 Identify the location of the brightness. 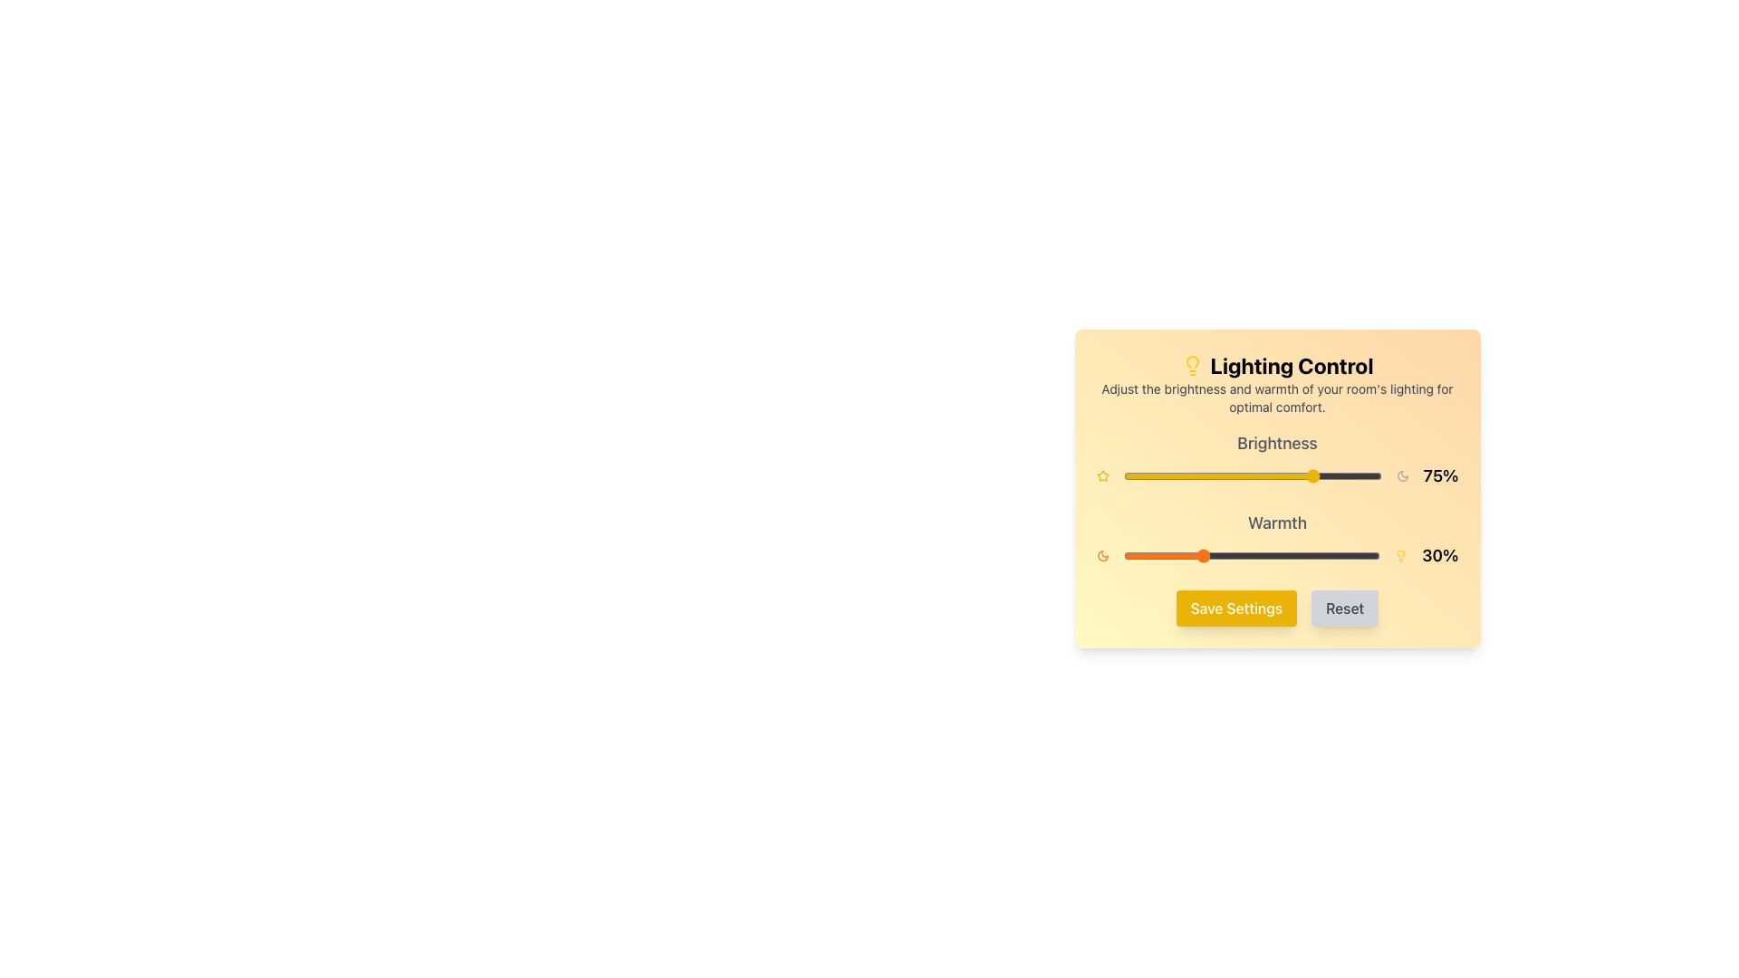
(1221, 475).